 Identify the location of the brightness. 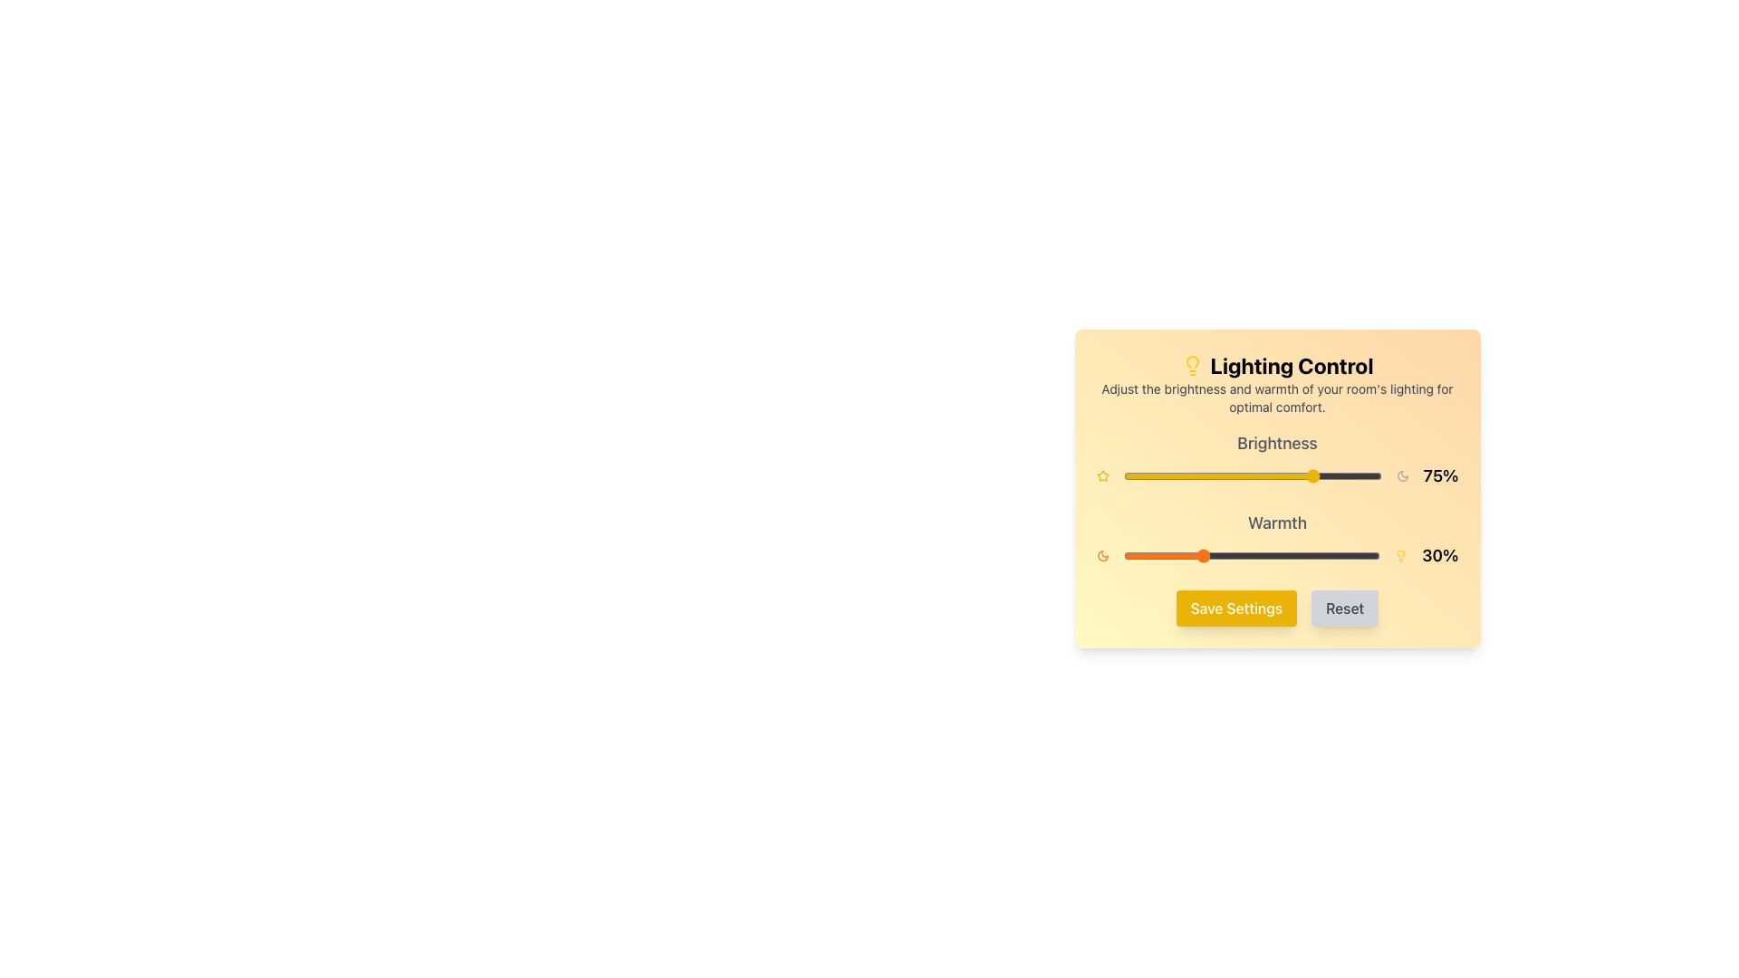
(1221, 475).